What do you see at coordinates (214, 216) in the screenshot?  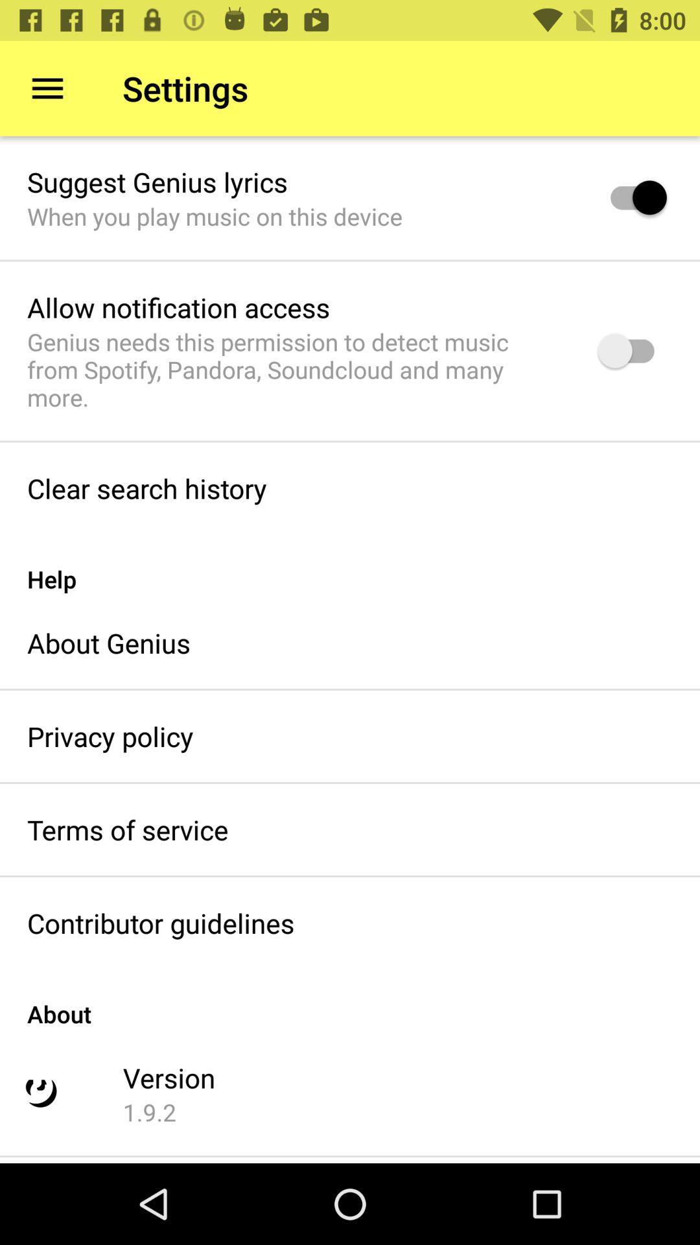 I see `the icon above allow notification access` at bounding box center [214, 216].